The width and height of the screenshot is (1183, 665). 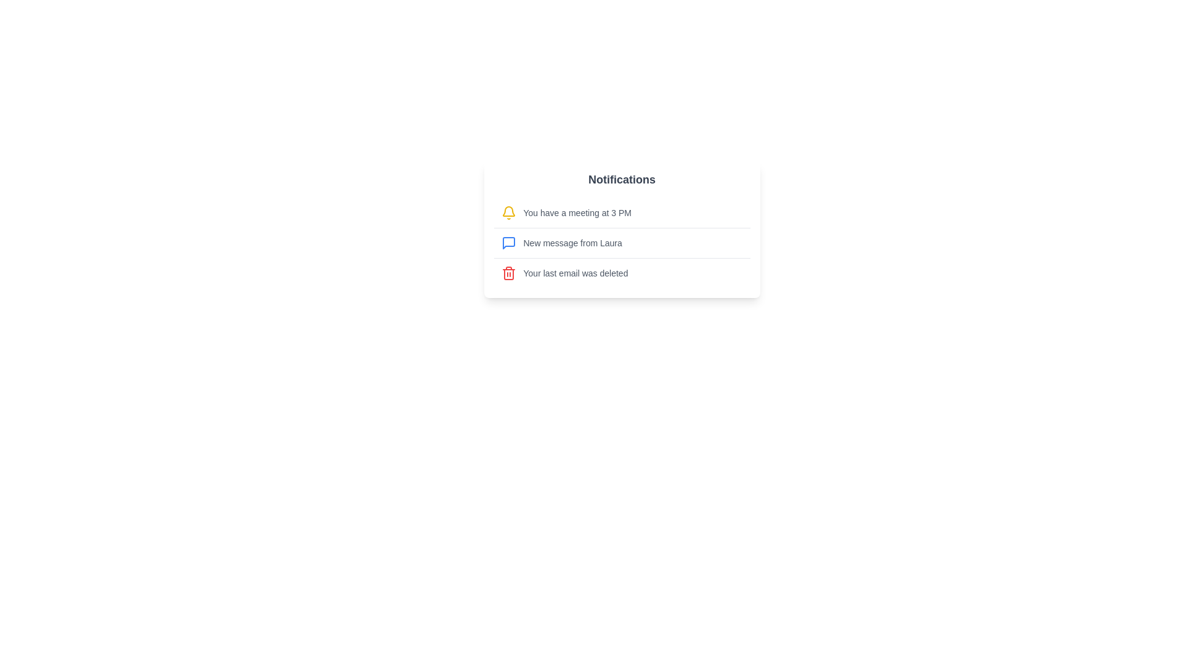 I want to click on the first notification item in the notifications panel, which displays a bell icon and the message 'You have a meeting at 3 PM', so click(x=622, y=212).